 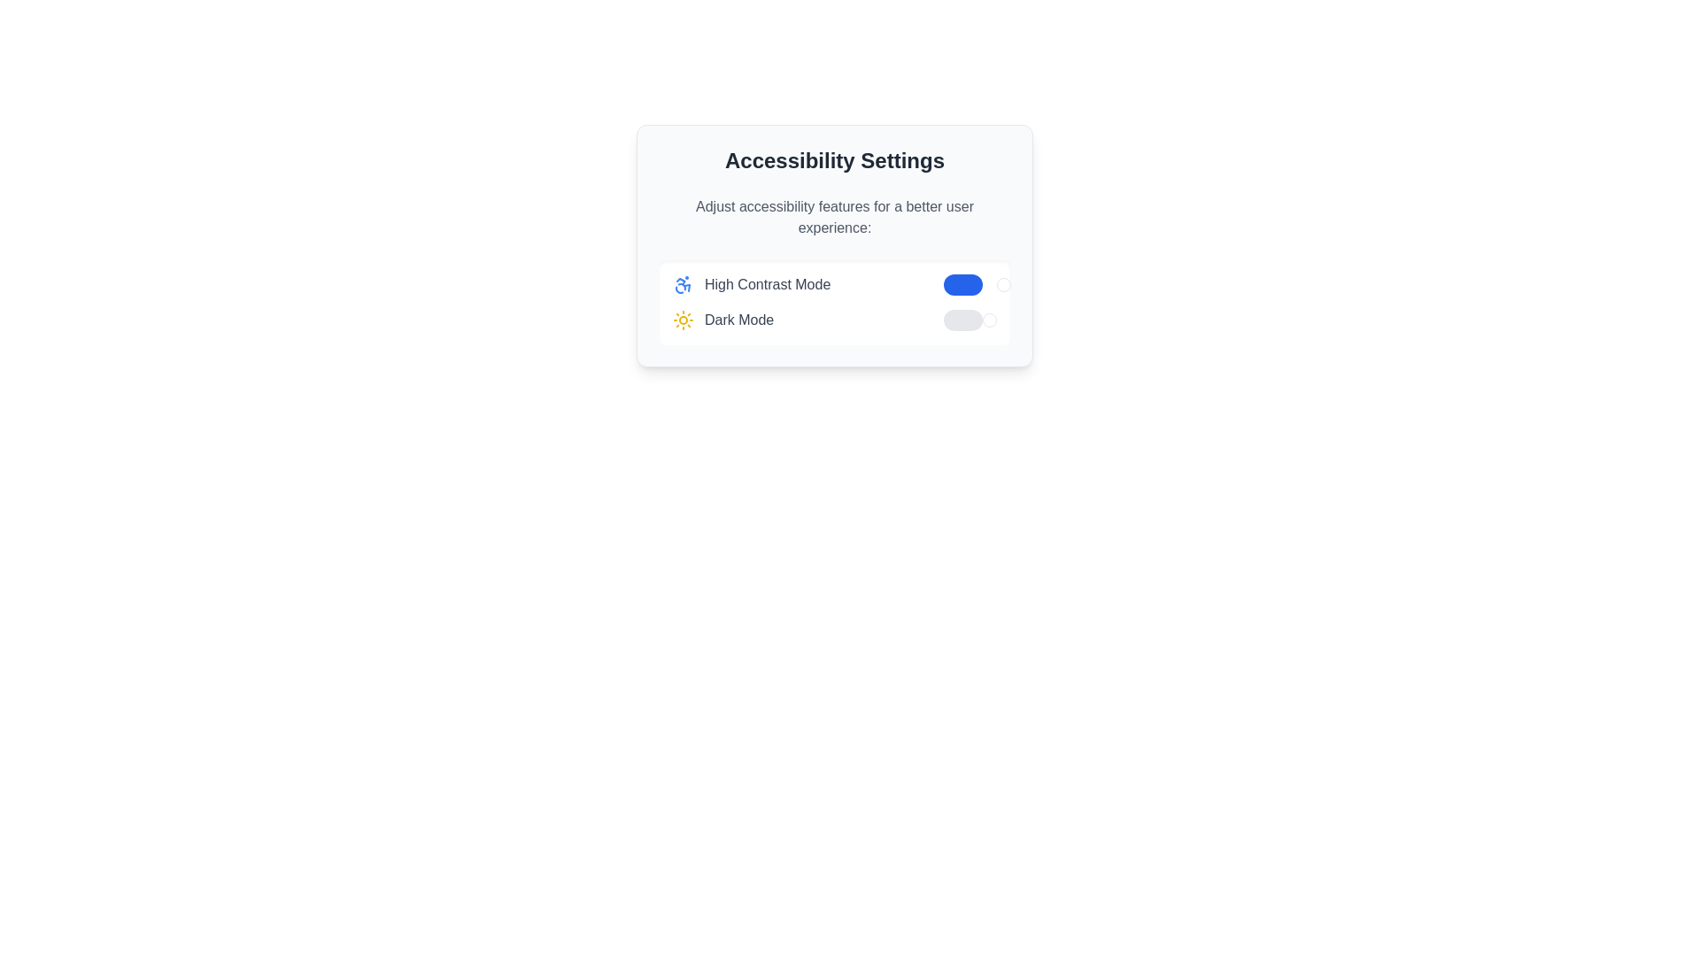 What do you see at coordinates (989, 320) in the screenshot?
I see `the rightmost handle of the toggle switch to change its state` at bounding box center [989, 320].